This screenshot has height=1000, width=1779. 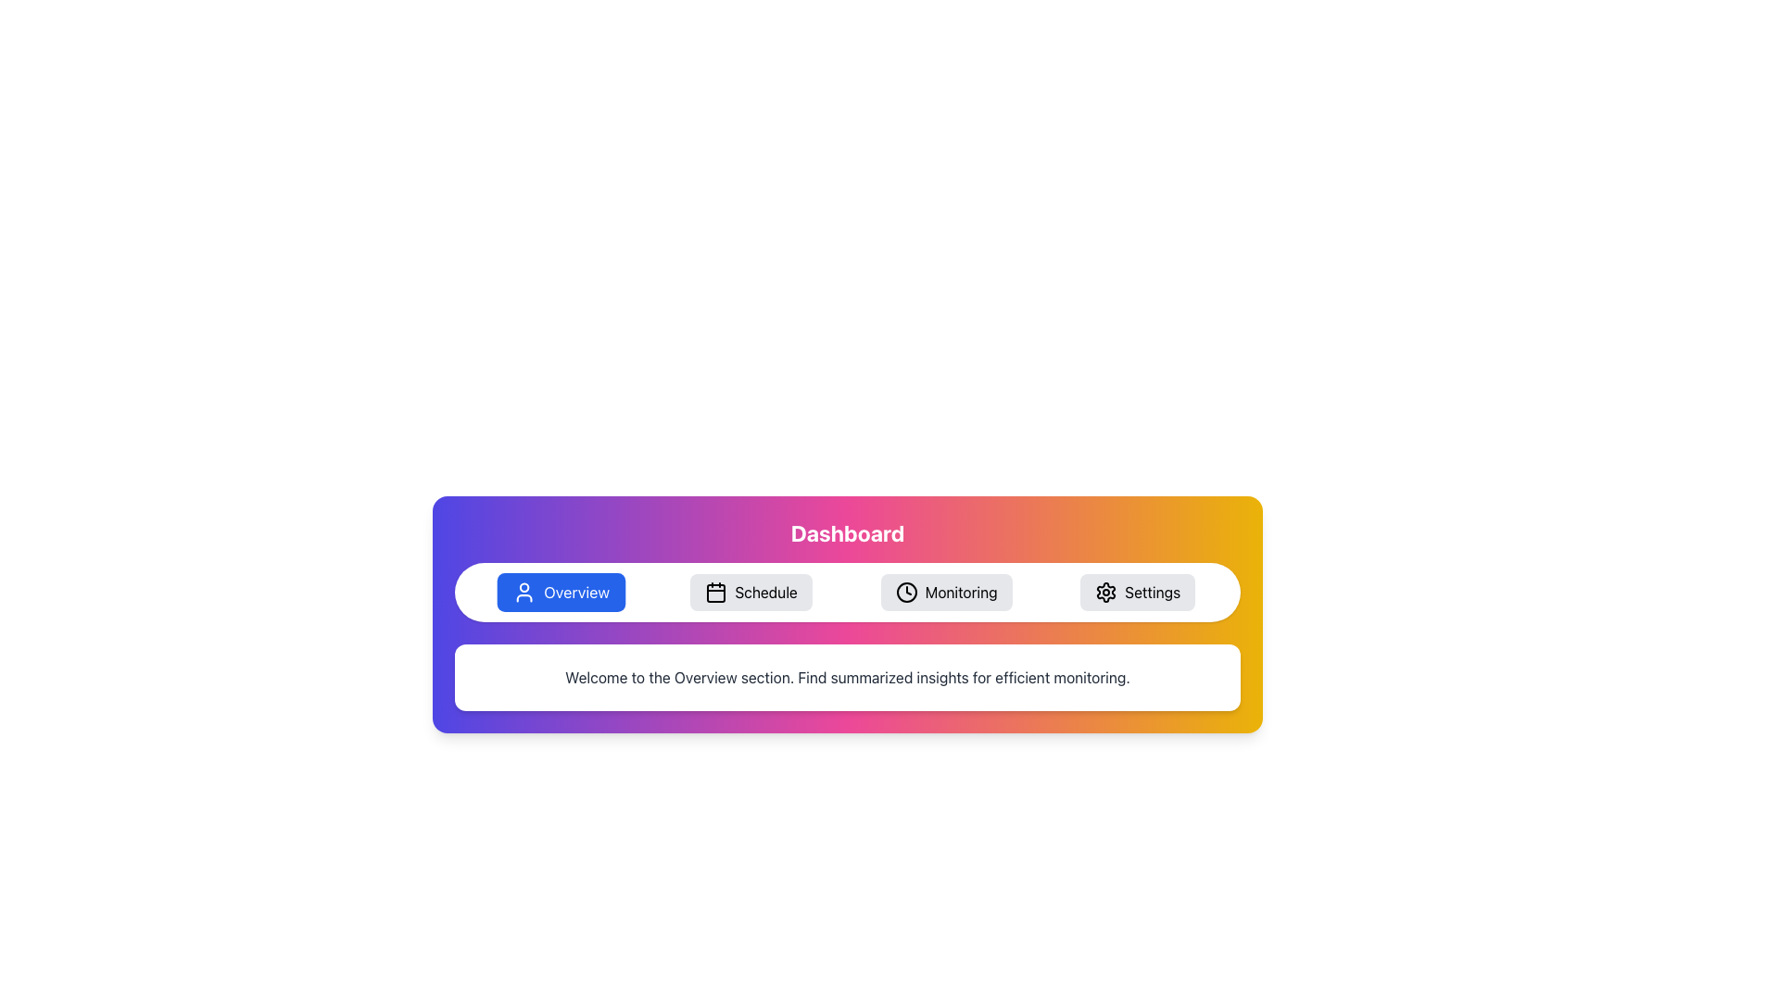 I want to click on the second button from the left in the horizontally aligned button group, so click(x=751, y=593).